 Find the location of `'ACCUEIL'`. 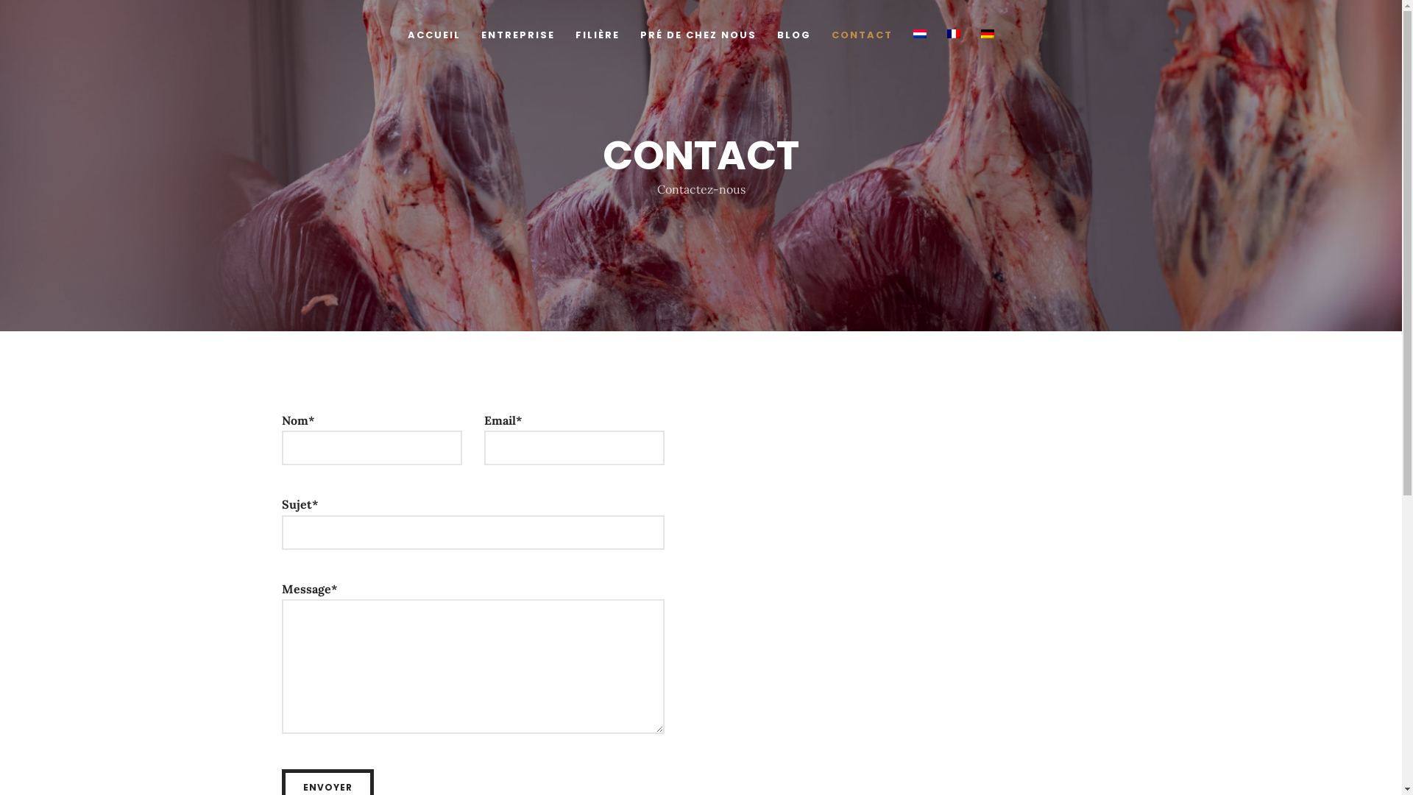

'ACCUEIL' is located at coordinates (433, 38).